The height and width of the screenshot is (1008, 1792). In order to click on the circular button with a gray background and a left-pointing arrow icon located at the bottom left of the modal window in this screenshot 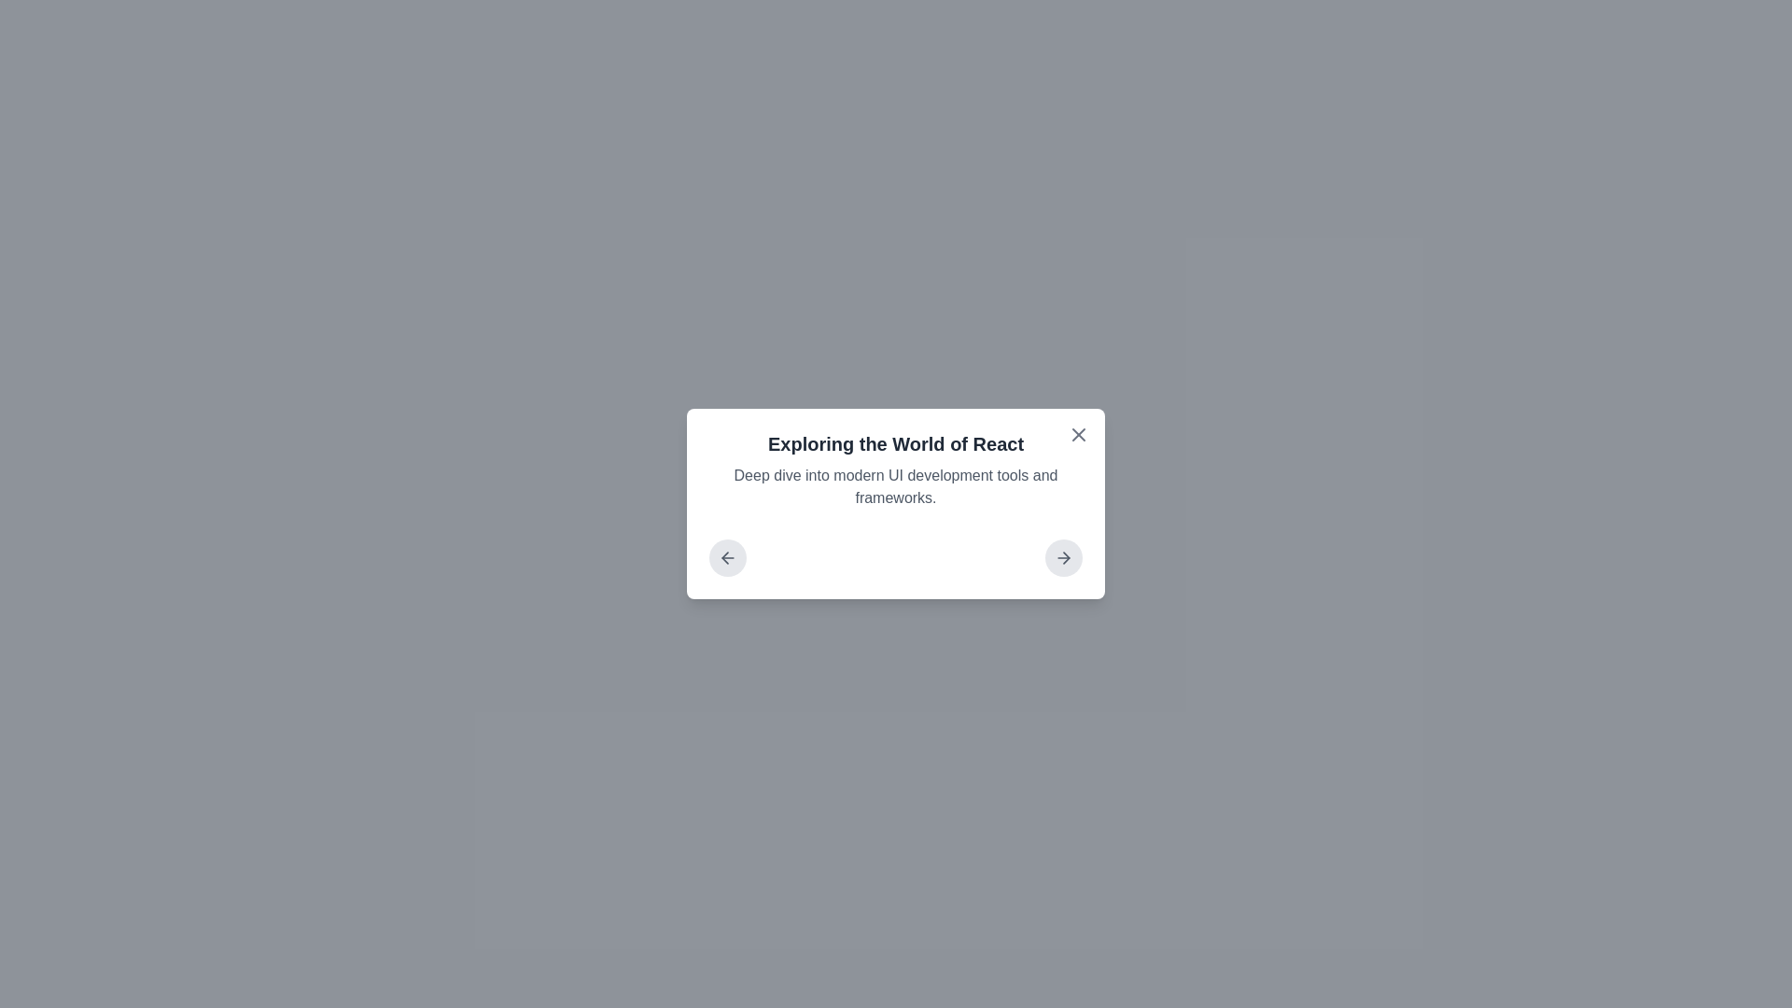, I will do `click(726, 556)`.